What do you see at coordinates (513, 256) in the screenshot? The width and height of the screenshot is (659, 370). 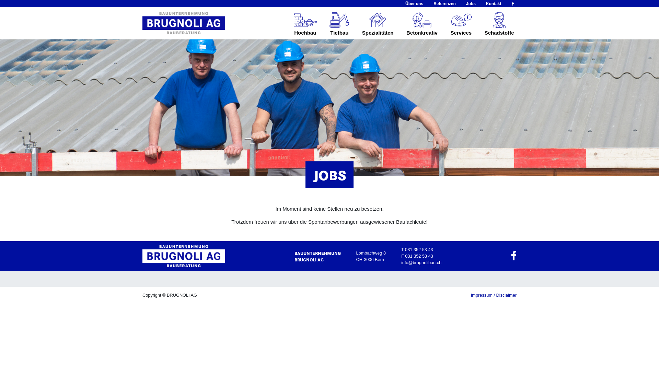 I see `'fa-facebook'` at bounding box center [513, 256].